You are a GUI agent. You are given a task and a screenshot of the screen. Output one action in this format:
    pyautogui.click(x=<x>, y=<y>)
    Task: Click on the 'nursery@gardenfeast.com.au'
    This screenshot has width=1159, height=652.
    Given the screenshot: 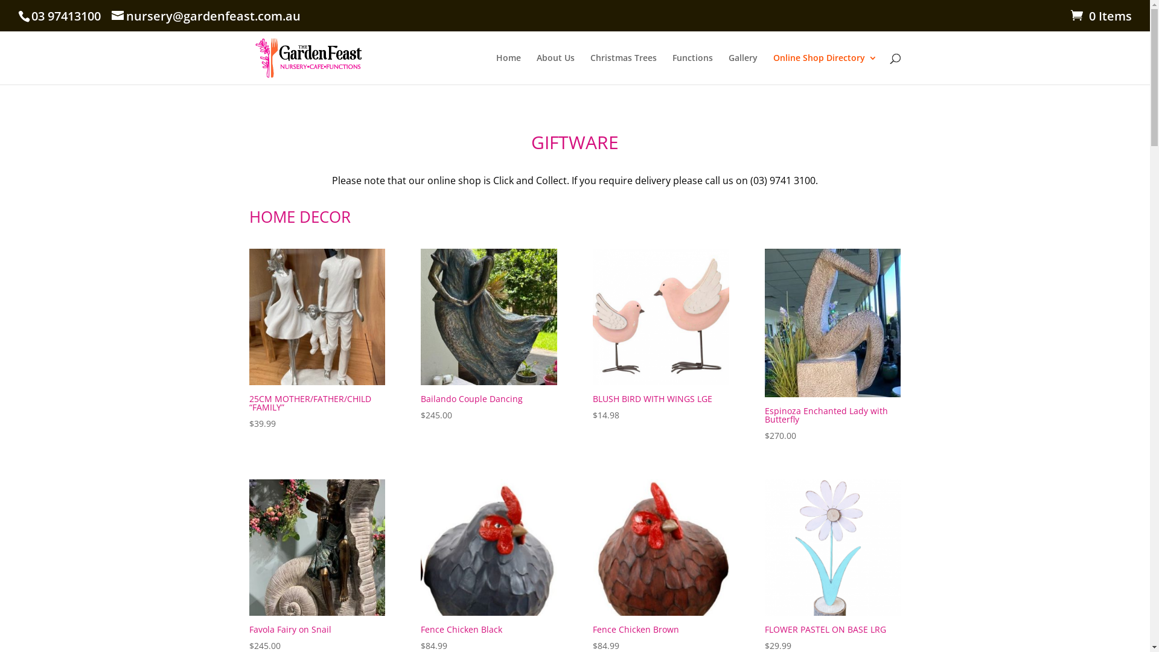 What is the action you would take?
    pyautogui.click(x=206, y=16)
    